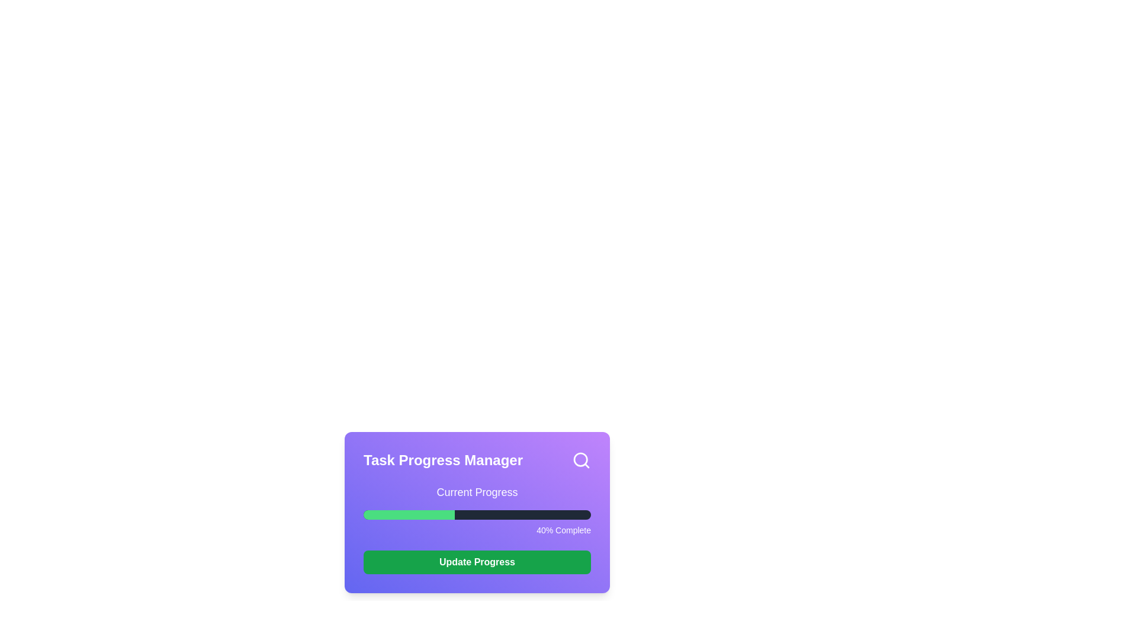  What do you see at coordinates (477, 514) in the screenshot?
I see `keyboard navigation` at bounding box center [477, 514].